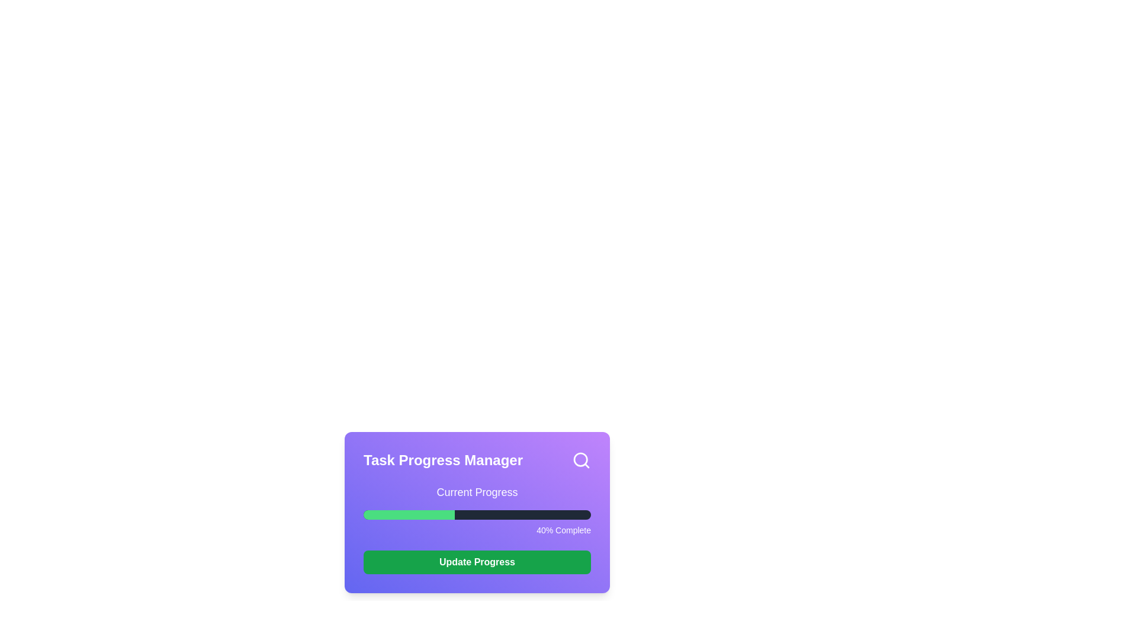  What do you see at coordinates (477, 514) in the screenshot?
I see `keyboard navigation` at bounding box center [477, 514].